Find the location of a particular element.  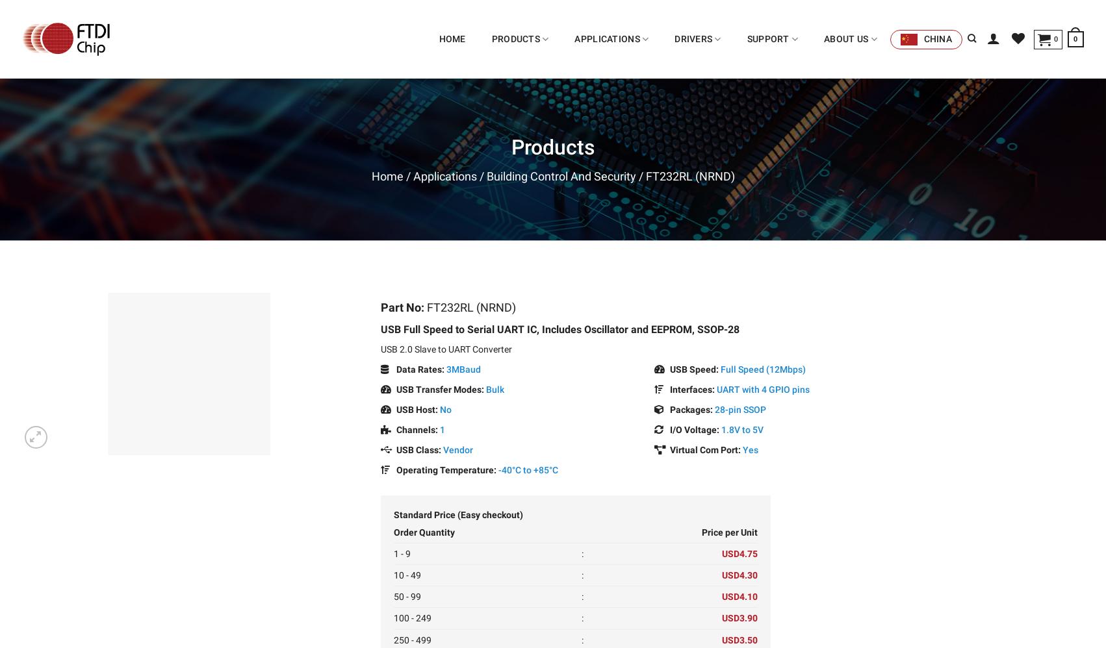

'4.30' is located at coordinates (748, 575).